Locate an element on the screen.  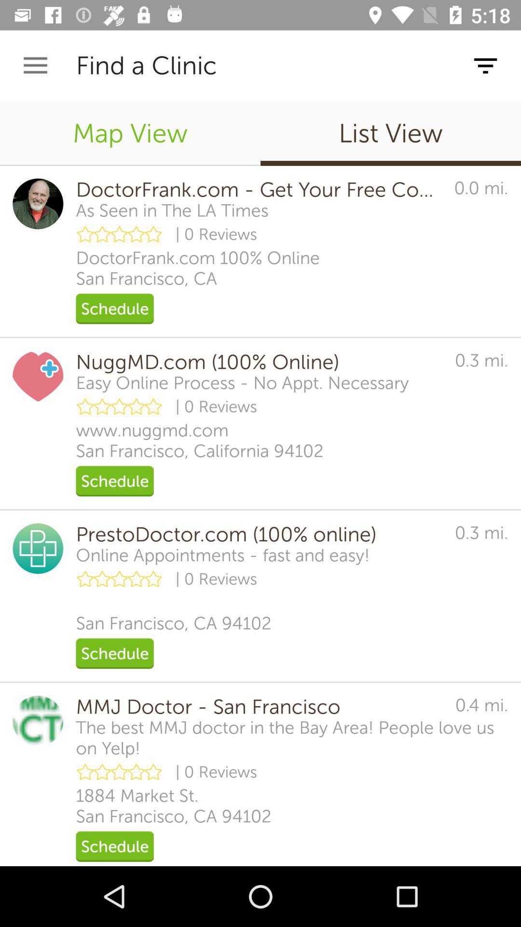
icon above | 0 reviews is located at coordinates (172, 210).